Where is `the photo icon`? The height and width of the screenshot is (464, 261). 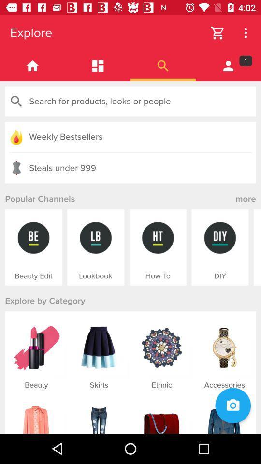 the photo icon is located at coordinates (232, 406).